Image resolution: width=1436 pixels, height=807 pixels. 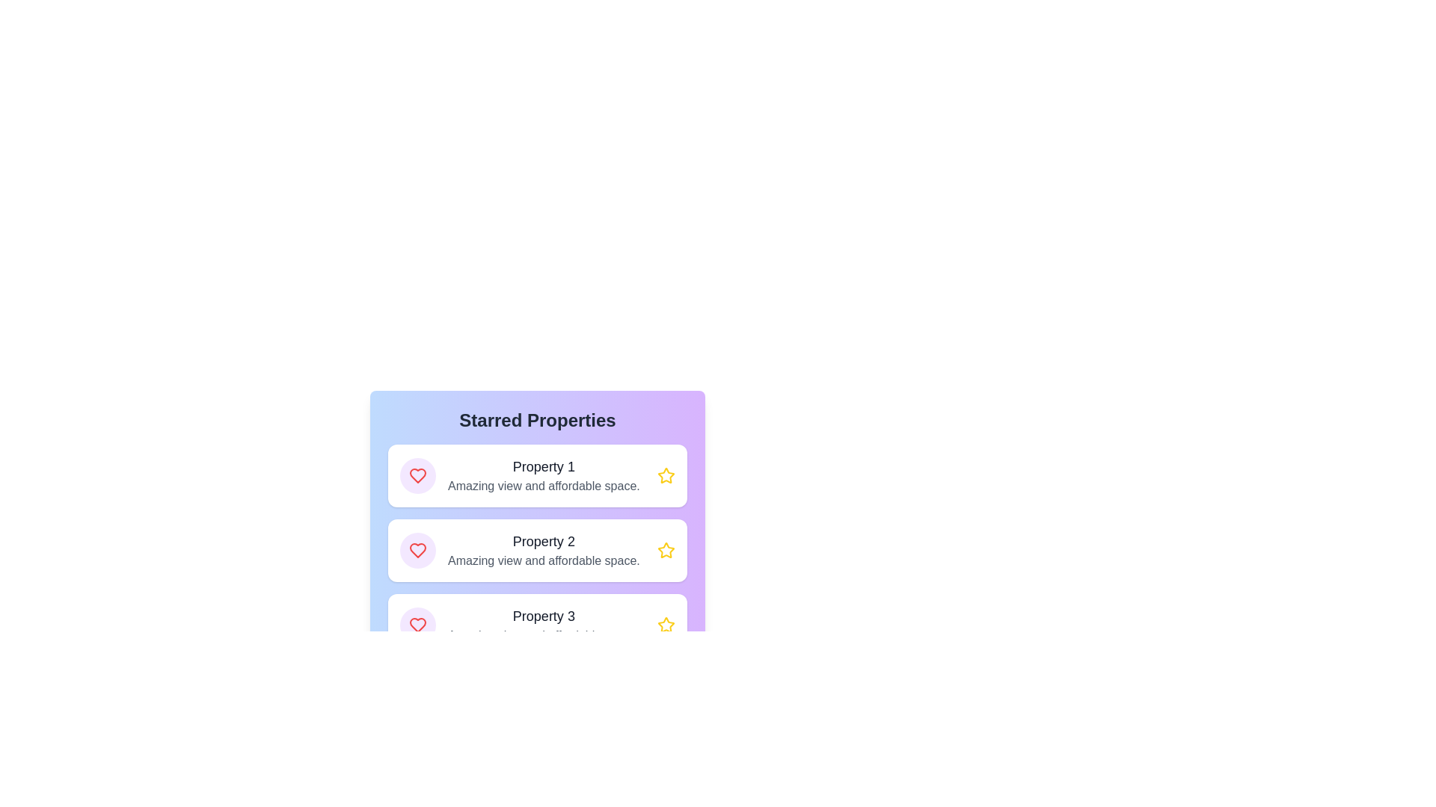 What do you see at coordinates (543, 550) in the screenshot?
I see `the text display in the second row of the 'Starred Properties' list to read the property name and its description` at bounding box center [543, 550].